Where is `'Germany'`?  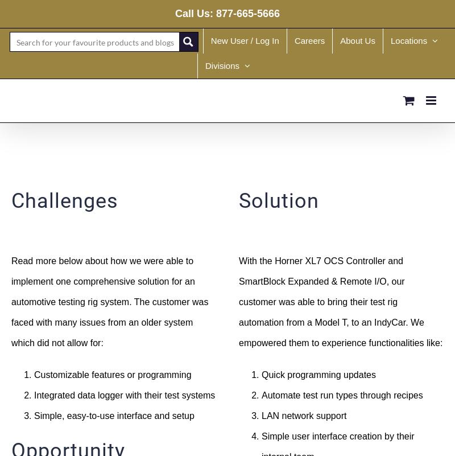 'Germany' is located at coordinates (388, 98).